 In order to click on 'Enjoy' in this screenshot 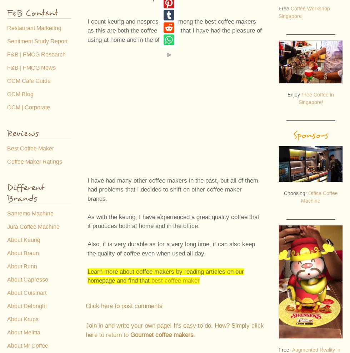, I will do `click(294, 94)`.